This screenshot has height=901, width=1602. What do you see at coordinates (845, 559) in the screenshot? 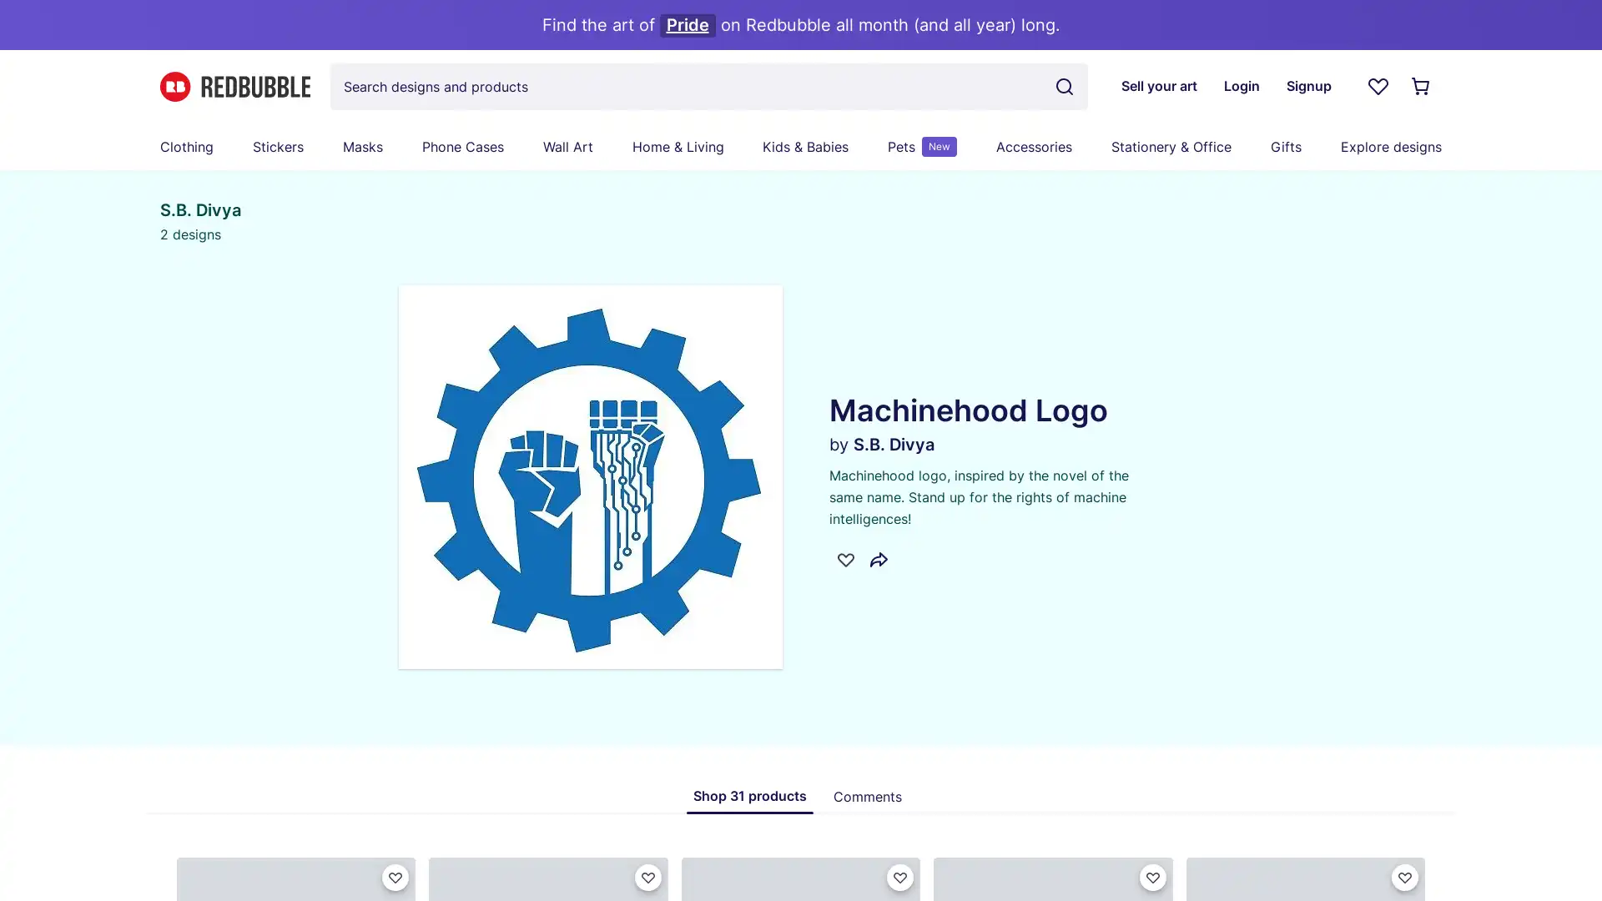
I see `Favorite` at bounding box center [845, 559].